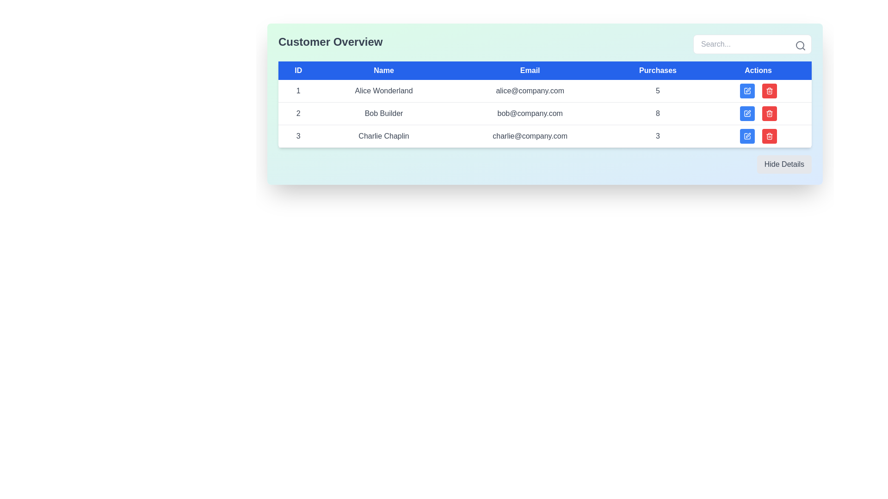  What do you see at coordinates (545, 91) in the screenshot?
I see `the individual cells or action buttons in the first row of the data table that displays '1' under ID, 'Alice Wonderland' under Name, 'alice@company.com' under Email, '5' under Purchases, and action icons under Actions` at bounding box center [545, 91].